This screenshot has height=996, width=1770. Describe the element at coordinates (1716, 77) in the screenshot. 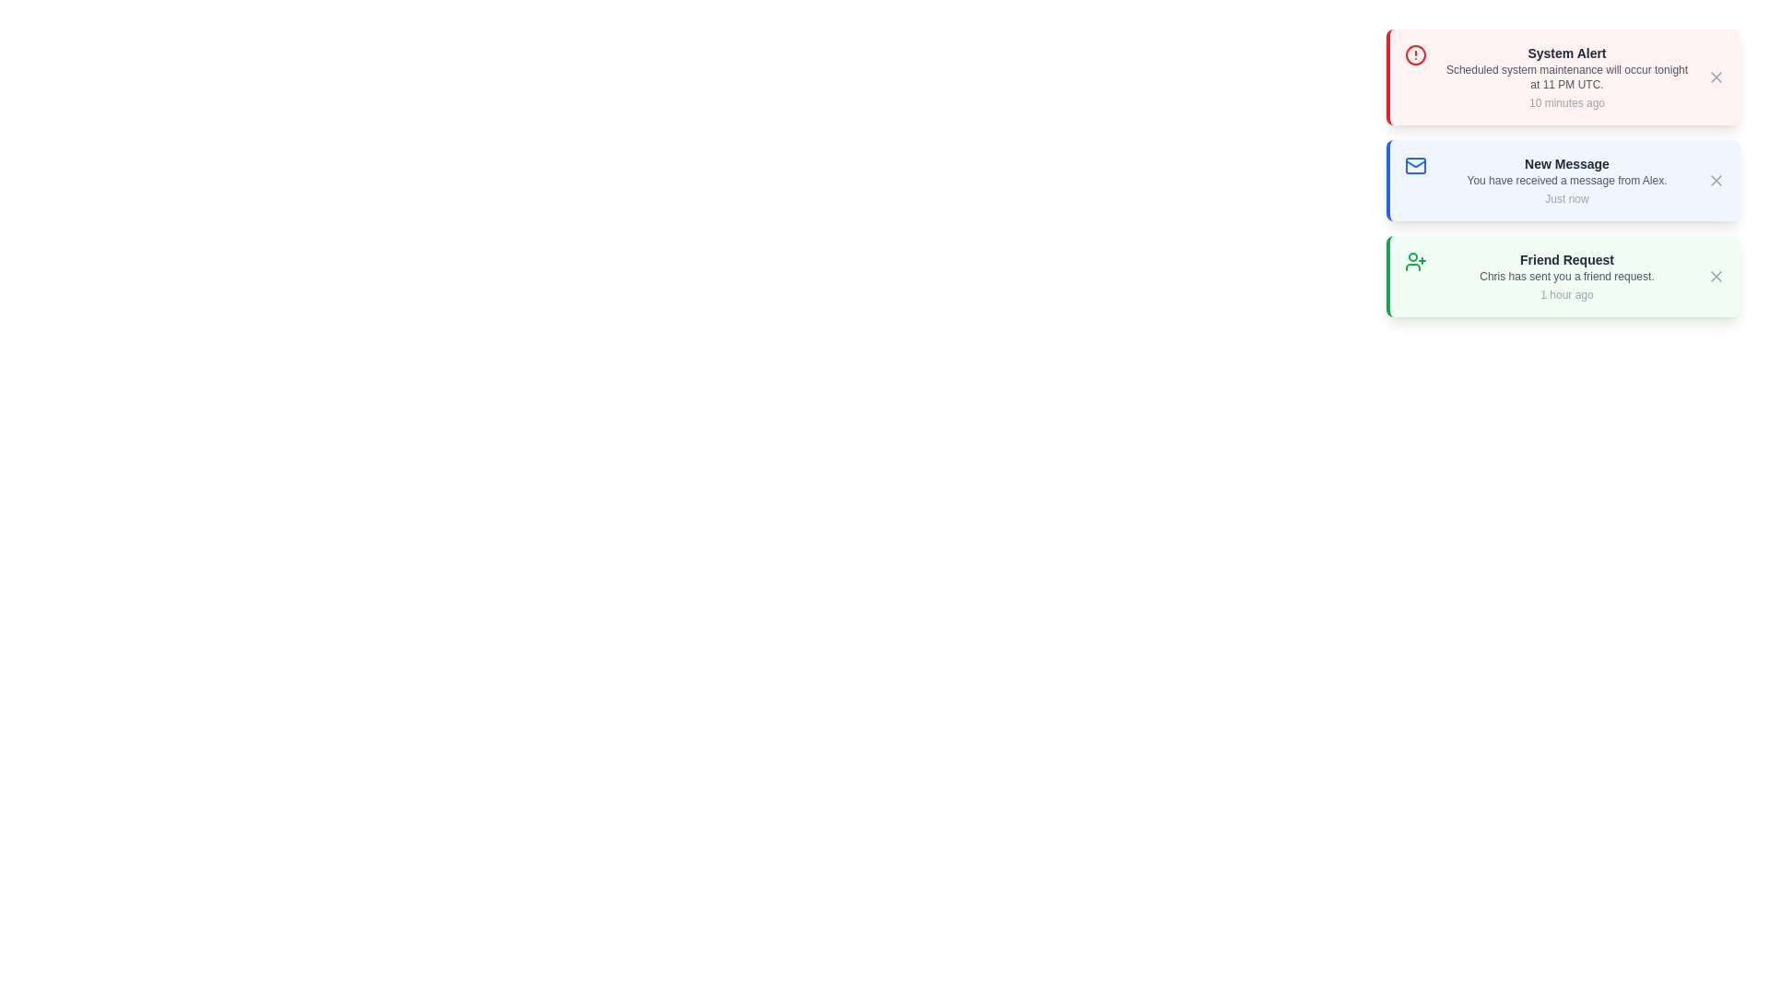

I see `the dismiss Icon button located at the top-right corner of the 'System Alert' notification for accessibility purposes` at that location.